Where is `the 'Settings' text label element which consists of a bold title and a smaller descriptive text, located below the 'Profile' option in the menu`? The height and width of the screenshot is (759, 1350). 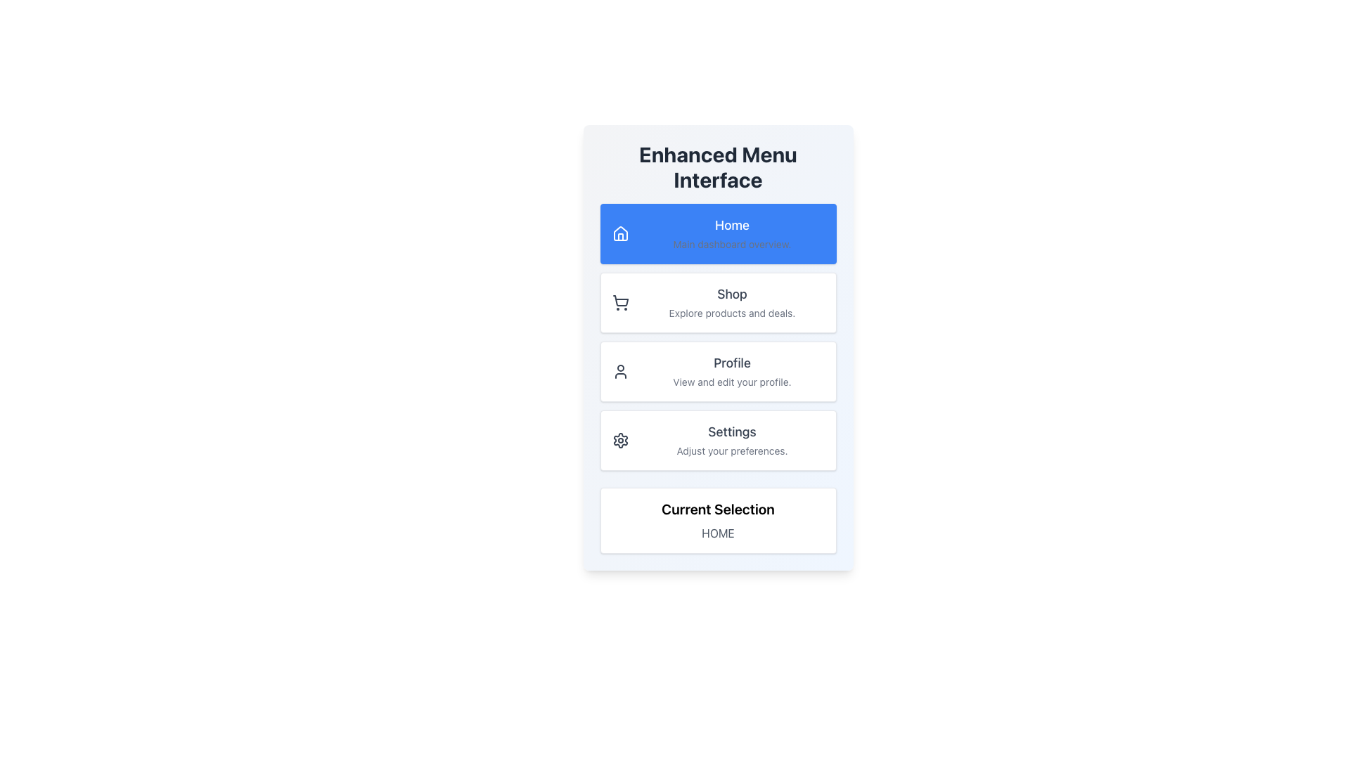 the 'Settings' text label element which consists of a bold title and a smaller descriptive text, located below the 'Profile' option in the menu is located at coordinates (731, 440).